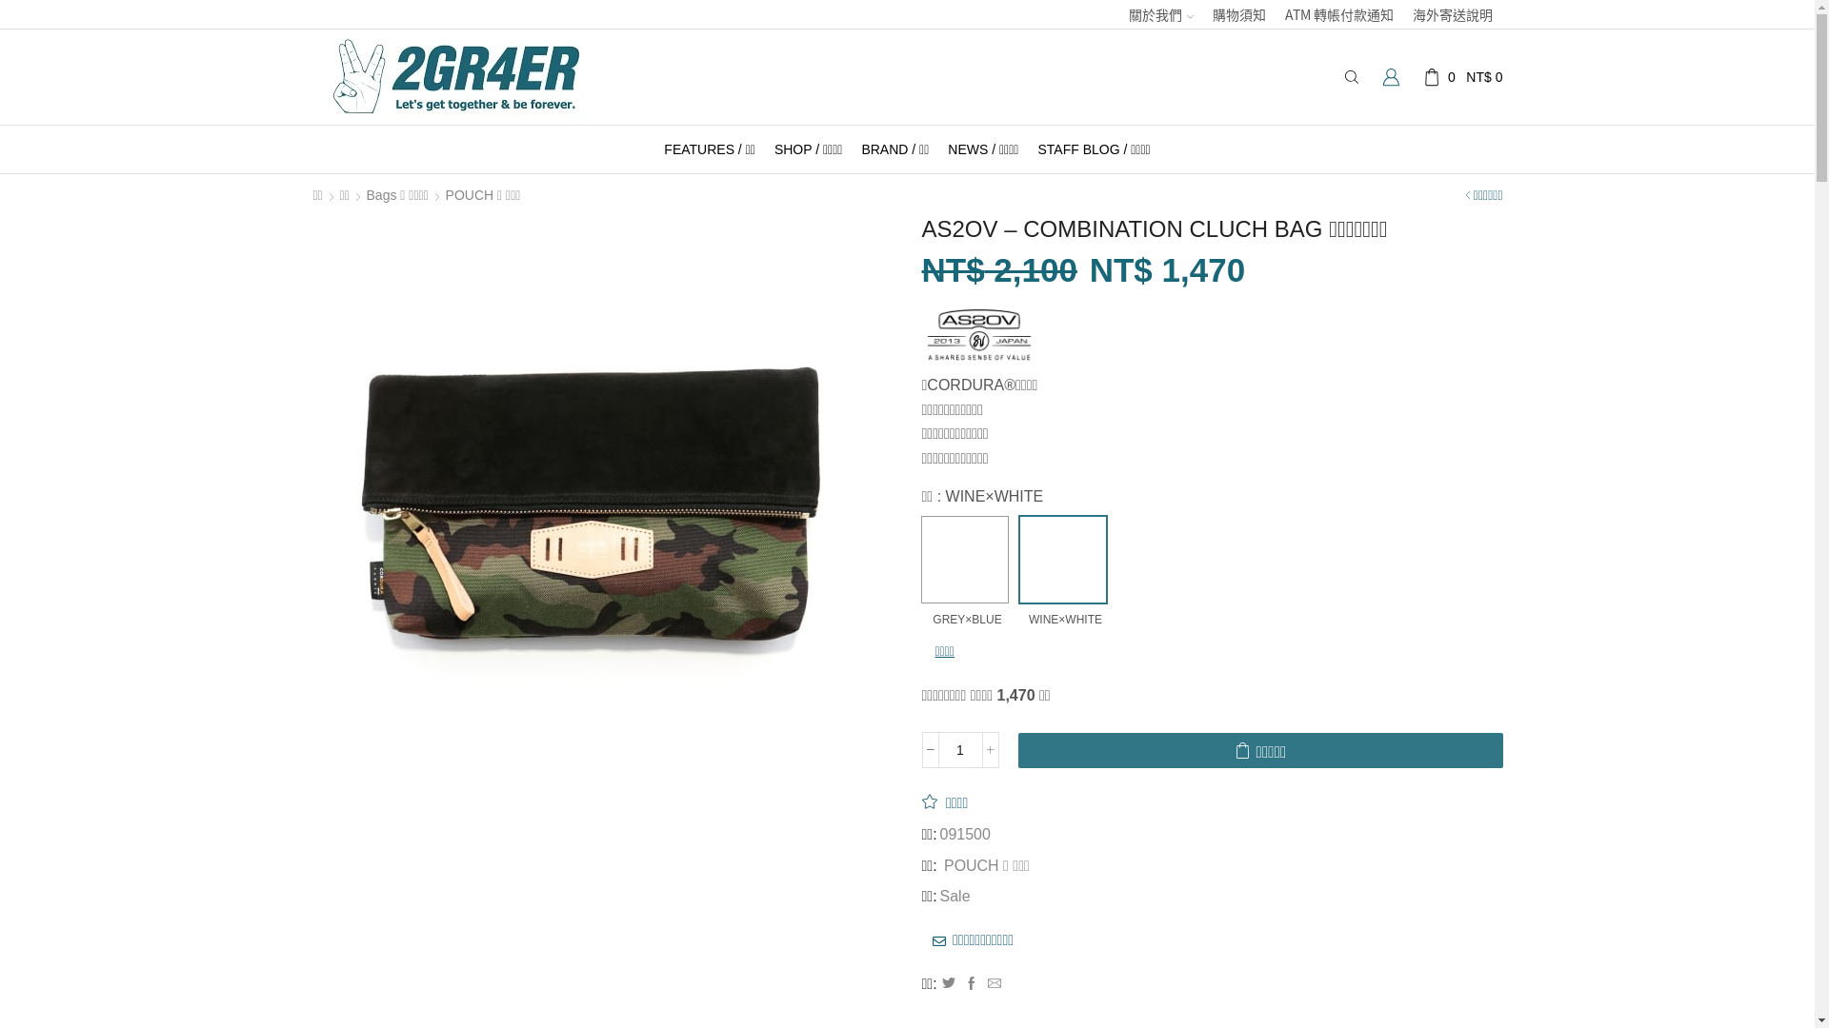 The width and height of the screenshot is (1829, 1028). Describe the element at coordinates (949, 983) in the screenshot. I see `'Twitter'` at that location.